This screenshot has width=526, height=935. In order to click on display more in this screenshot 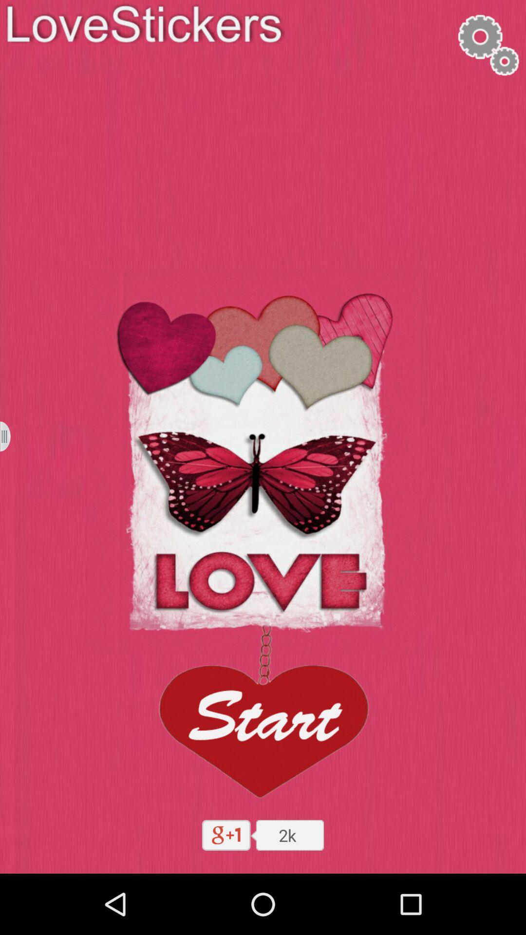, I will do `click(11, 436)`.